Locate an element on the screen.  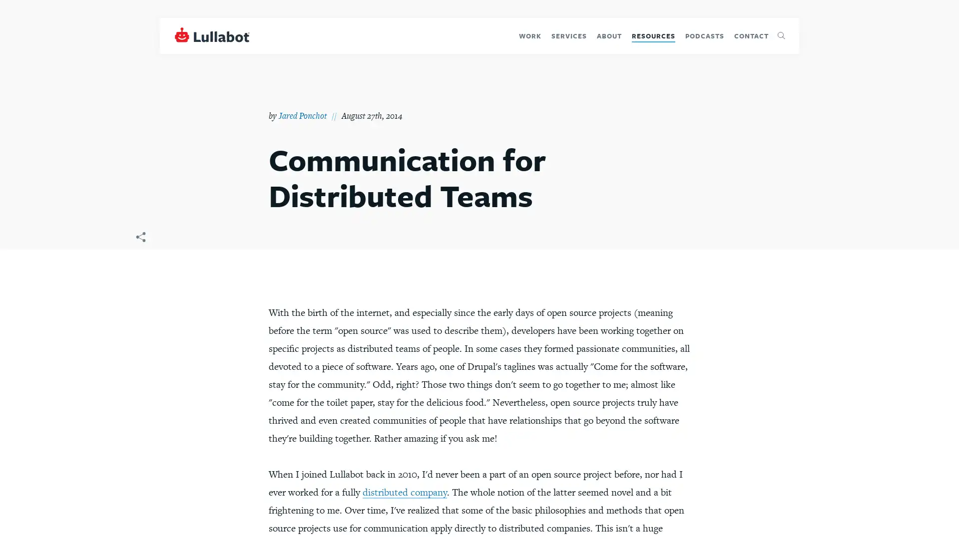
Post on Facebook is located at coordinates (132, 260).